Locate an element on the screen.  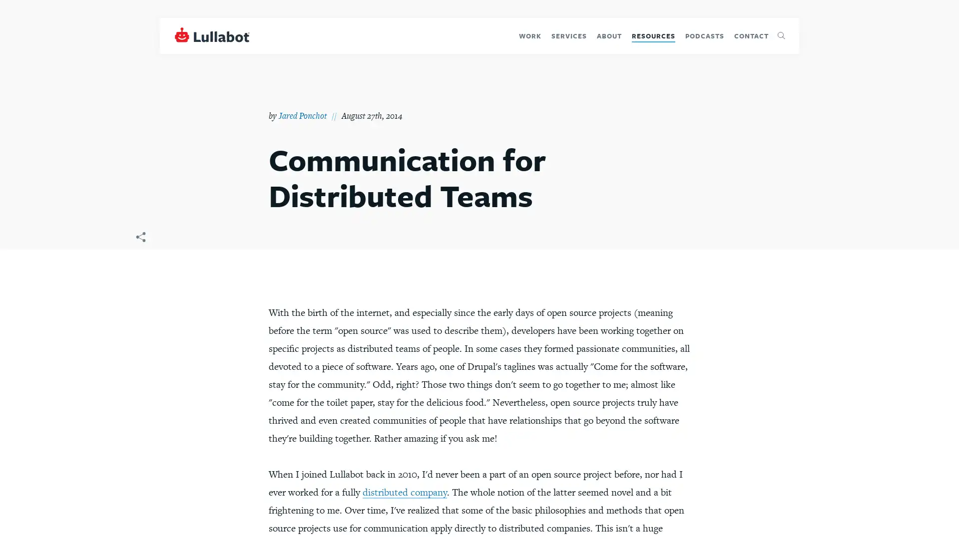
Post on Facebook is located at coordinates (132, 260).